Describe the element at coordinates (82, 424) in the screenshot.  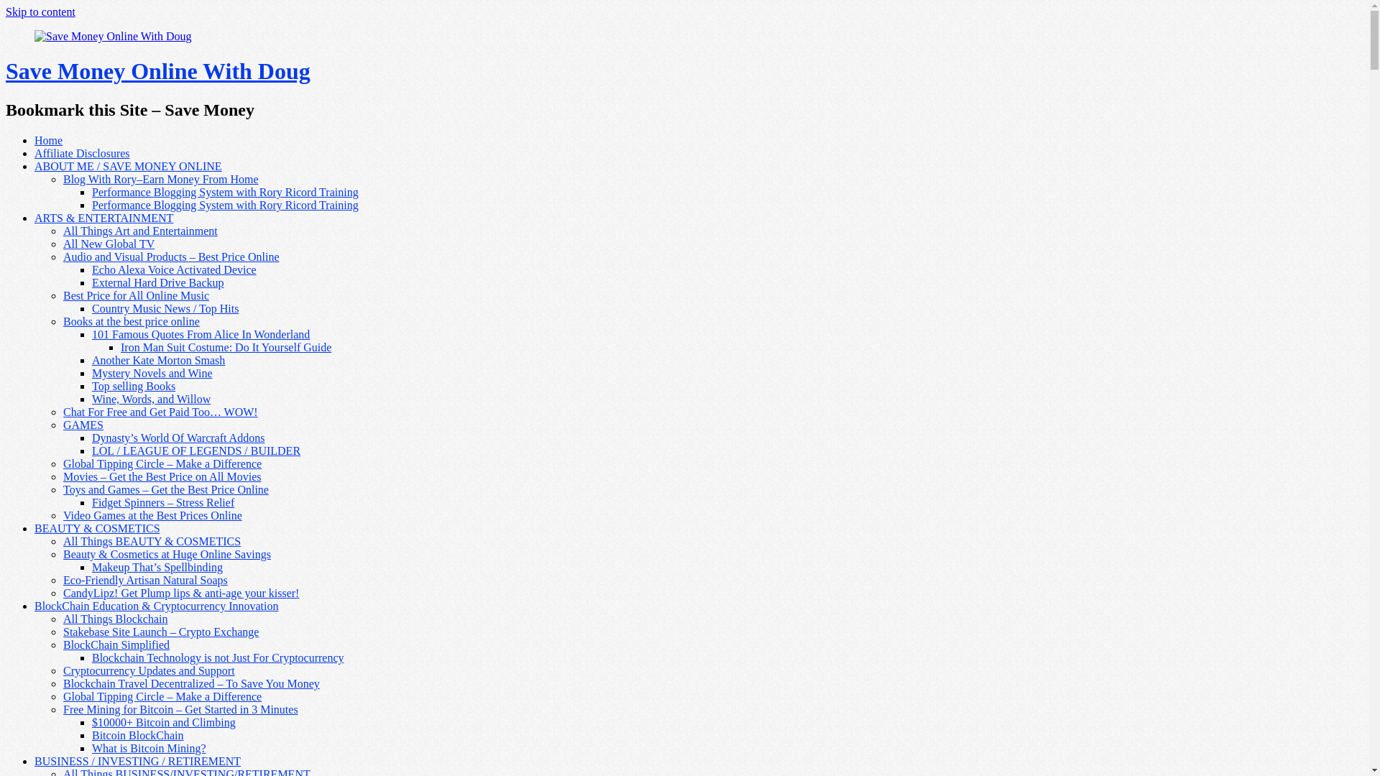
I see `'GAMES'` at that location.